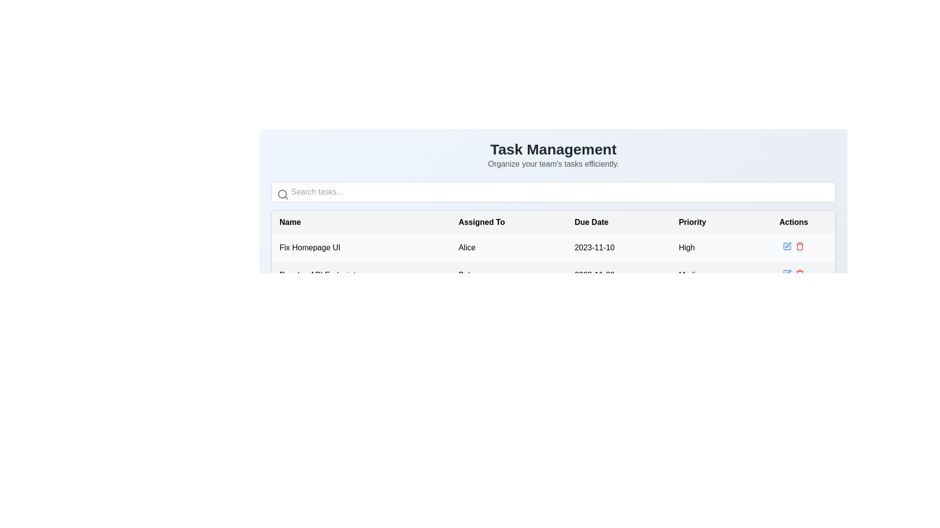  What do you see at coordinates (788, 272) in the screenshot?
I see `the pen-like icon in the 'Actions' column of the task table to initiate the edit function` at bounding box center [788, 272].